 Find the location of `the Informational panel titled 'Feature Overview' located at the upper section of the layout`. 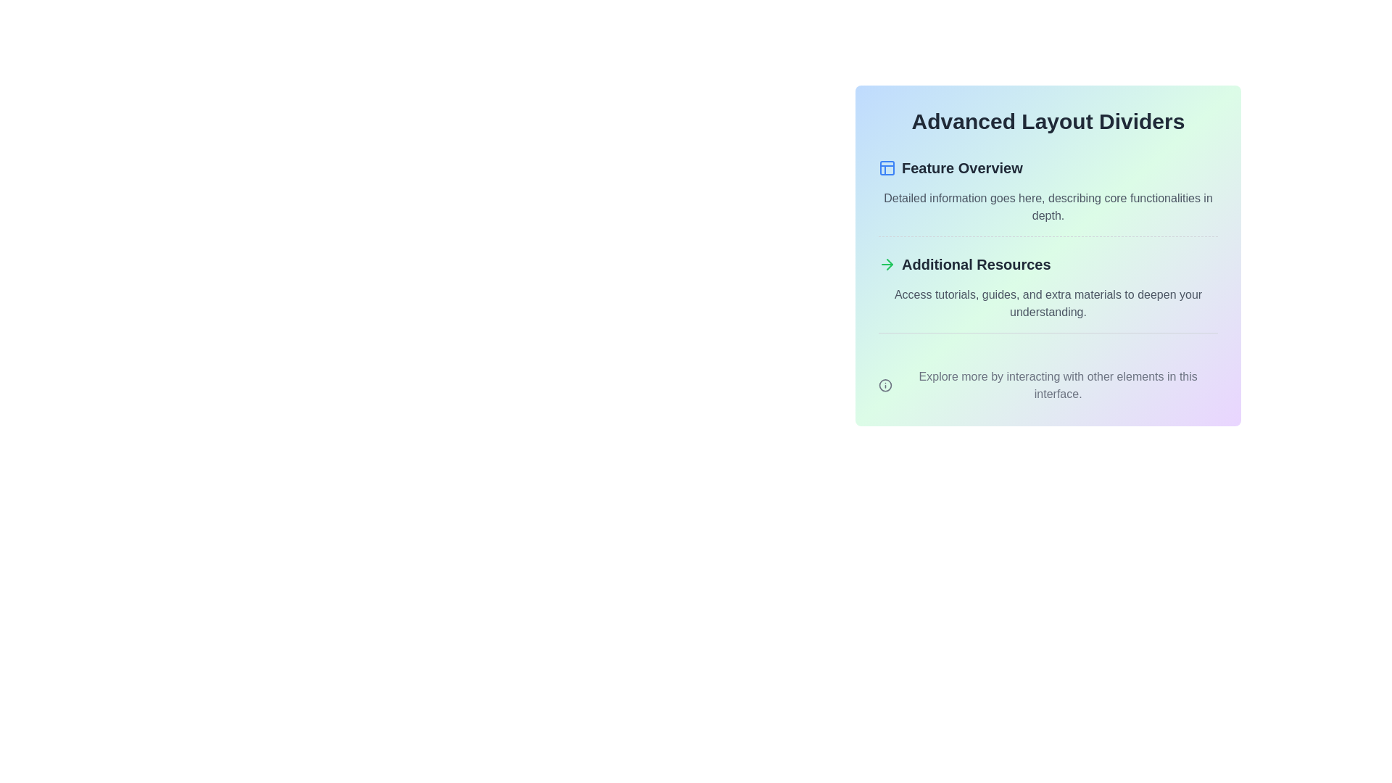

the Informational panel titled 'Feature Overview' located at the upper section of the layout is located at coordinates (1048, 197).